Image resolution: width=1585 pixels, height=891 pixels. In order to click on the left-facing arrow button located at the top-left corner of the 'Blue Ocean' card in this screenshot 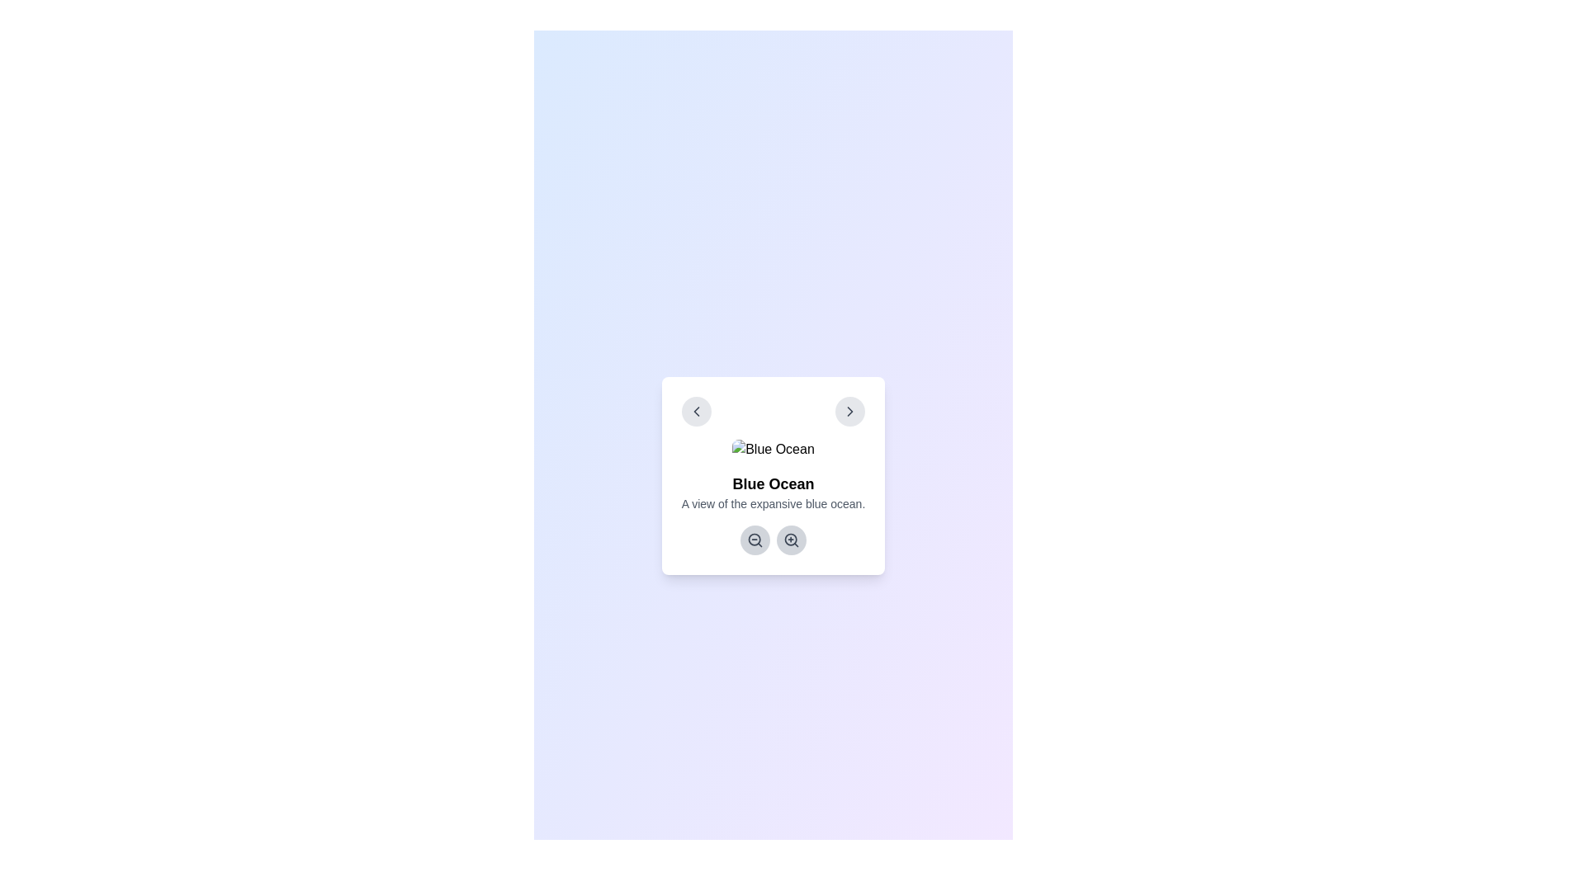, I will do `click(696, 410)`.